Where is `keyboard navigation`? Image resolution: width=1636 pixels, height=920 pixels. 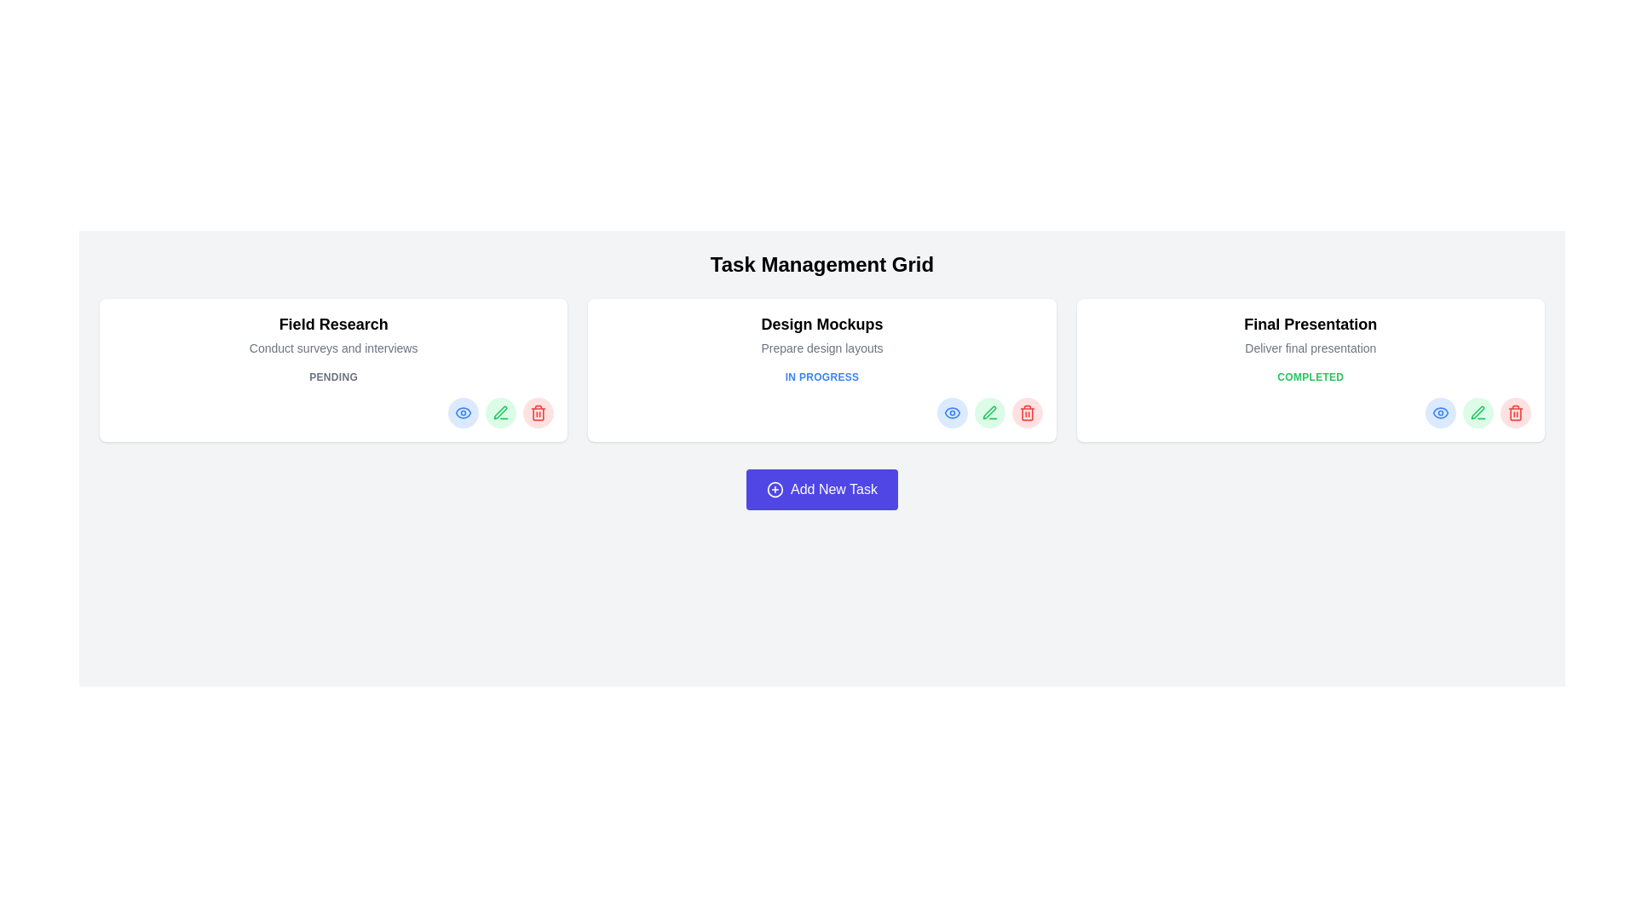
keyboard navigation is located at coordinates (1477, 412).